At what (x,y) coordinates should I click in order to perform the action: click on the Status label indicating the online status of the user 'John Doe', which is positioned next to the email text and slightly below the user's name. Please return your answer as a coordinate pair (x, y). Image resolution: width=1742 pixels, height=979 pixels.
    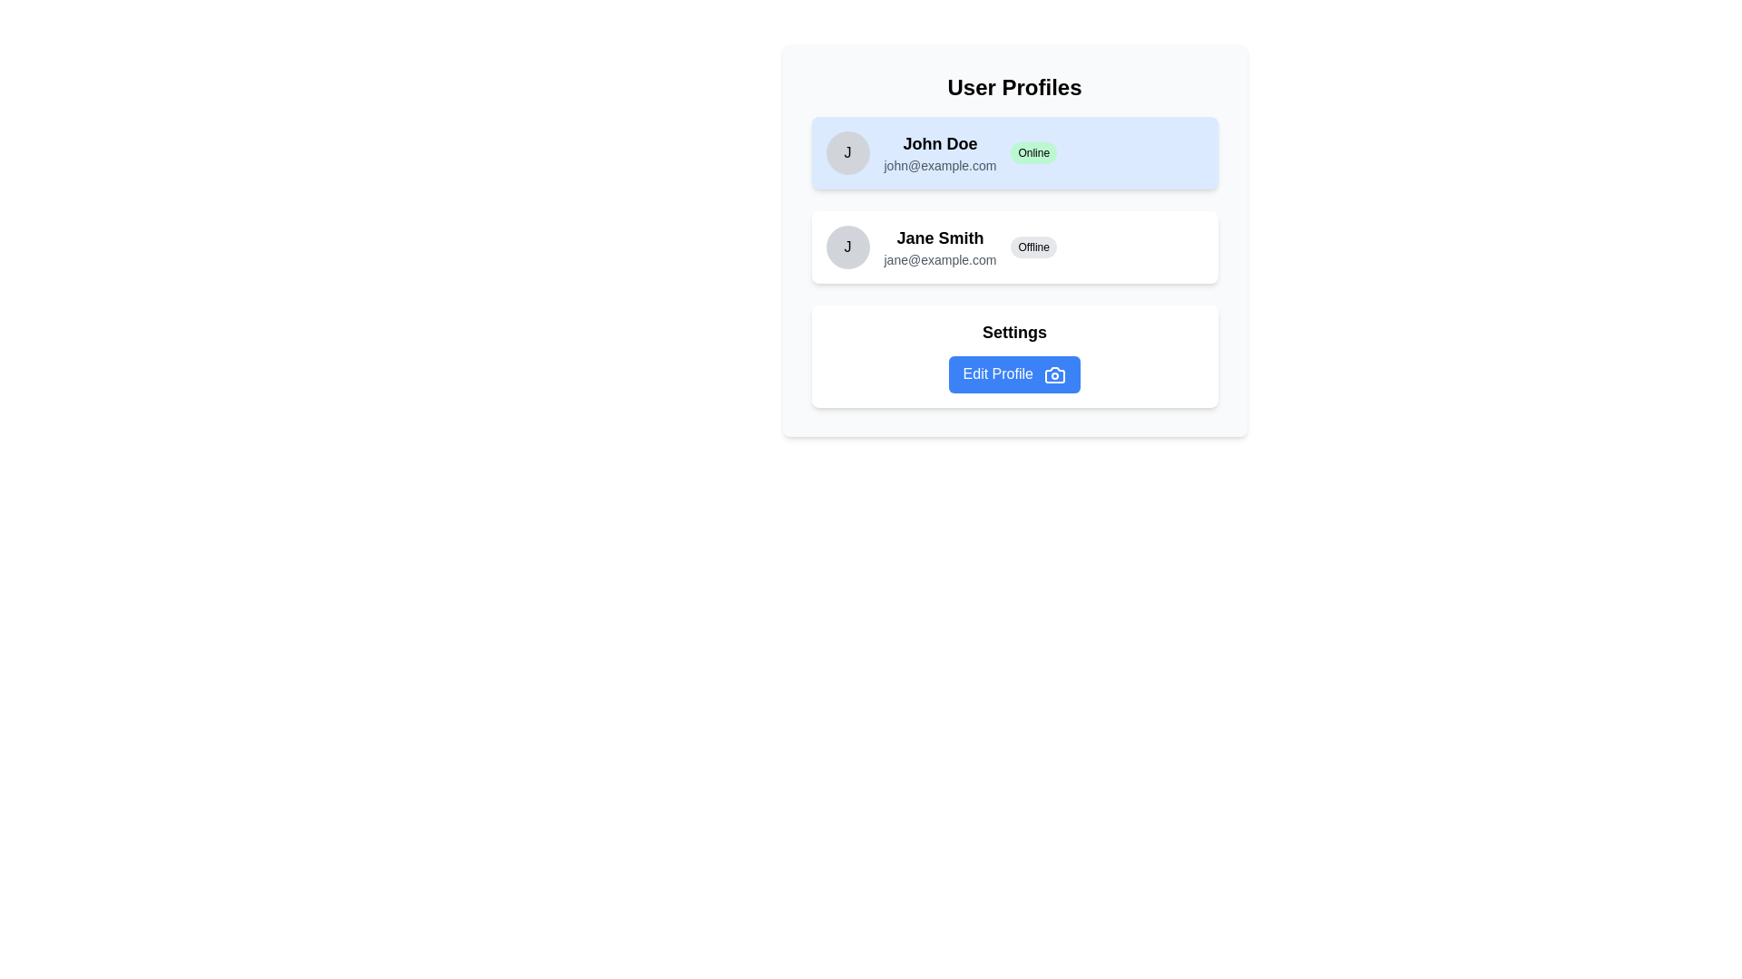
    Looking at the image, I should click on (1013, 152).